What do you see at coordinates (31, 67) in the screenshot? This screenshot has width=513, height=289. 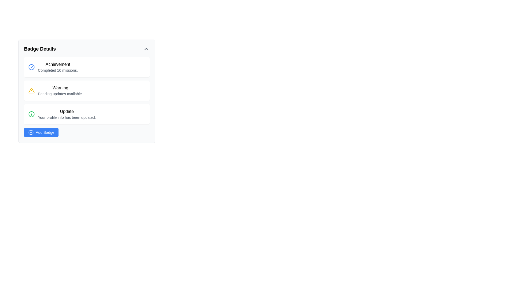 I see `the blue checkmark icon indicating successful status within the 'Badge Details' section, located adjacent to the 'Achievement' text` at bounding box center [31, 67].